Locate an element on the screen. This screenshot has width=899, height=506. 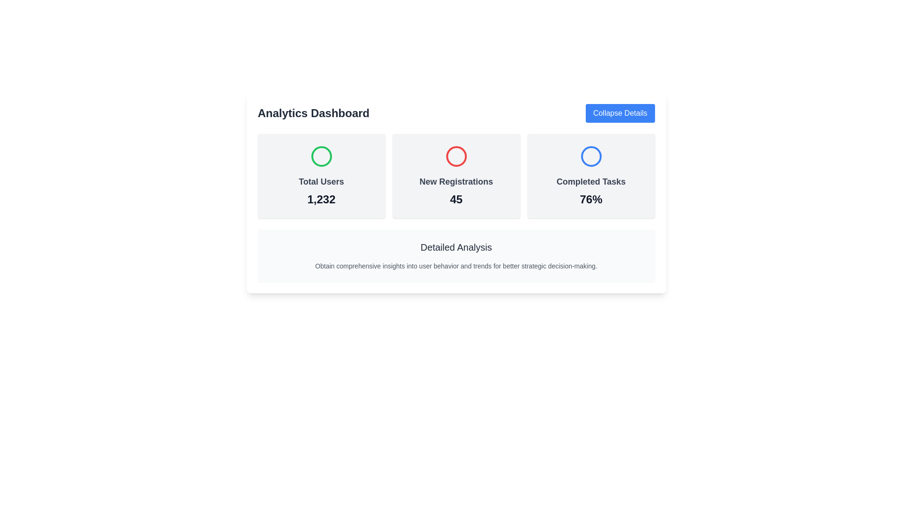
the 'New Registrations' text label, which is styled with gray color and bold font, located in the center of the card above the numeral '45' is located at coordinates (456, 182).